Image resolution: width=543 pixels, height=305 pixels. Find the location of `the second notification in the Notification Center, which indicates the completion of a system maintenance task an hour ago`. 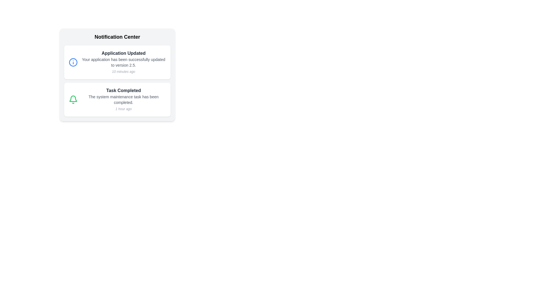

the second notification in the Notification Center, which indicates the completion of a system maintenance task an hour ago is located at coordinates (117, 99).